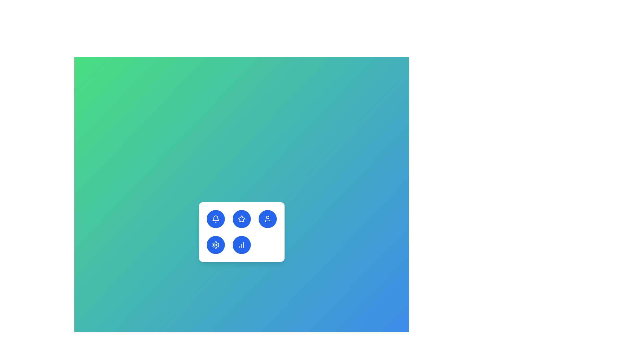  I want to click on the user profile icon, which is styled as an outline of a person in white against a circular blue background, located in the top-right corner among a set of five circular icons, so click(267, 219).